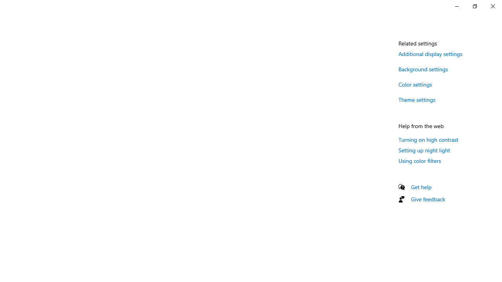  What do you see at coordinates (419, 160) in the screenshot?
I see `'Using color filters'` at bounding box center [419, 160].